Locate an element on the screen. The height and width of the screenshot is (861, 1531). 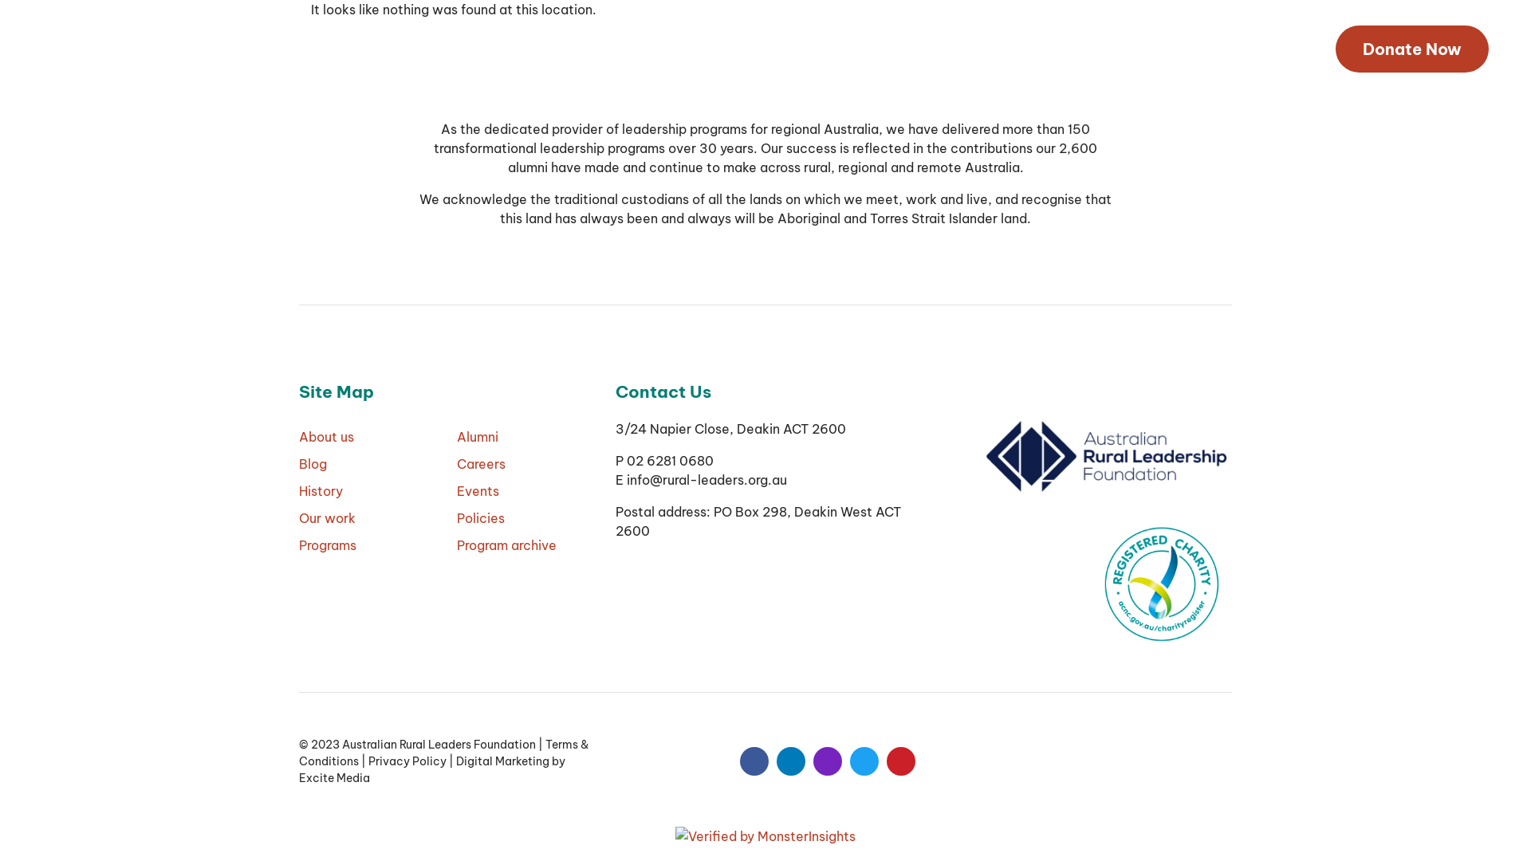
'Donate Now' is located at coordinates (1412, 48).